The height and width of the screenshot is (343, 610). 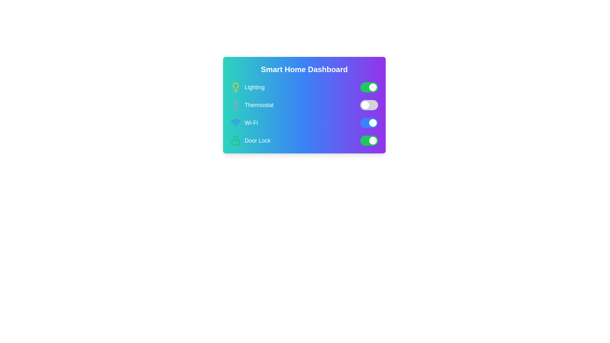 I want to click on the lower rectangular body portion of the green lock icon in the smart home dashboard interface, specifically the fourth item labeled 'Door Lock', so click(x=235, y=142).